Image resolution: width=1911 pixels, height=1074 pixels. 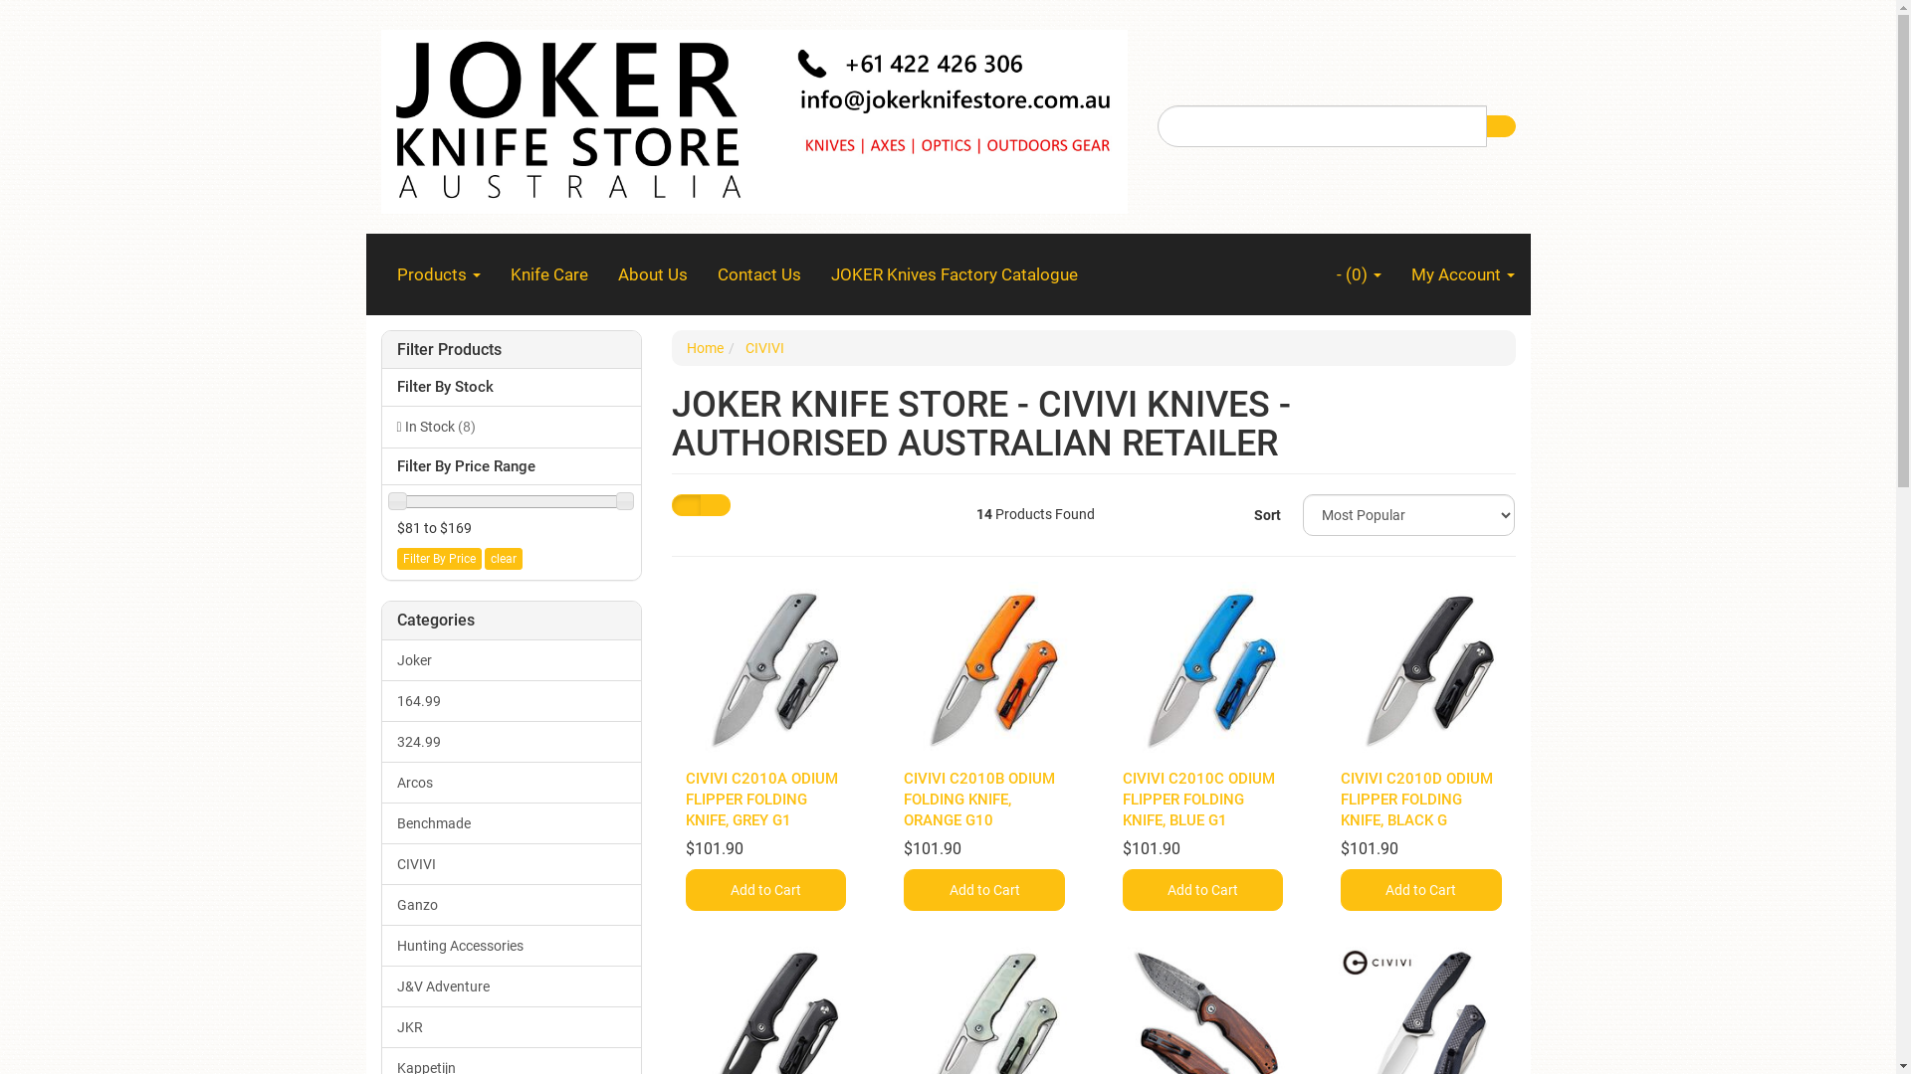 I want to click on 'JOKER Knives Factory Catalogue', so click(x=816, y=274).